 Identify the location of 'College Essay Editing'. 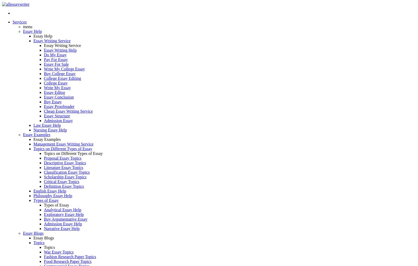
(62, 78).